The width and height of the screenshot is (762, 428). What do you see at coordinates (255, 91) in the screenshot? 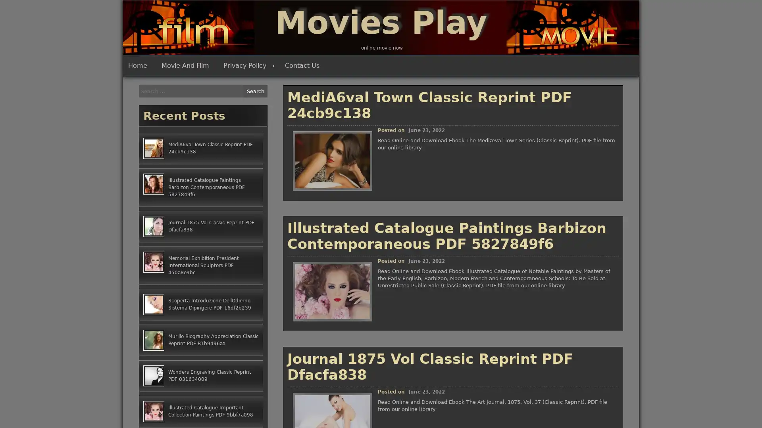
I see `Search` at bounding box center [255, 91].